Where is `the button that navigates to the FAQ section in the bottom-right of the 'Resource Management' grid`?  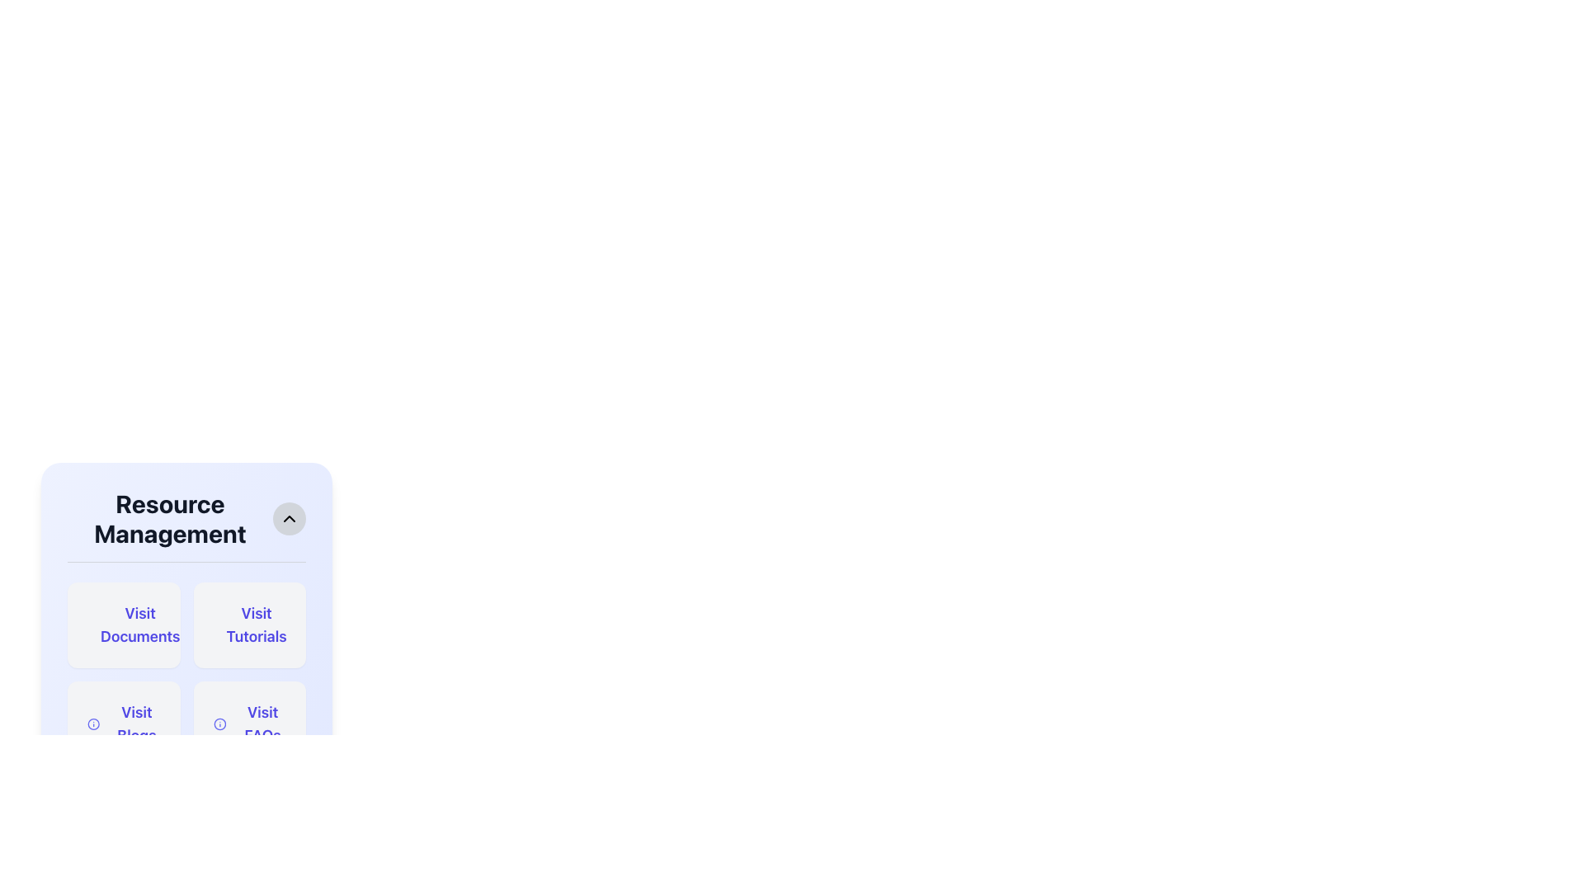 the button that navigates to the FAQ section in the bottom-right of the 'Resource Management' grid is located at coordinates (248, 724).